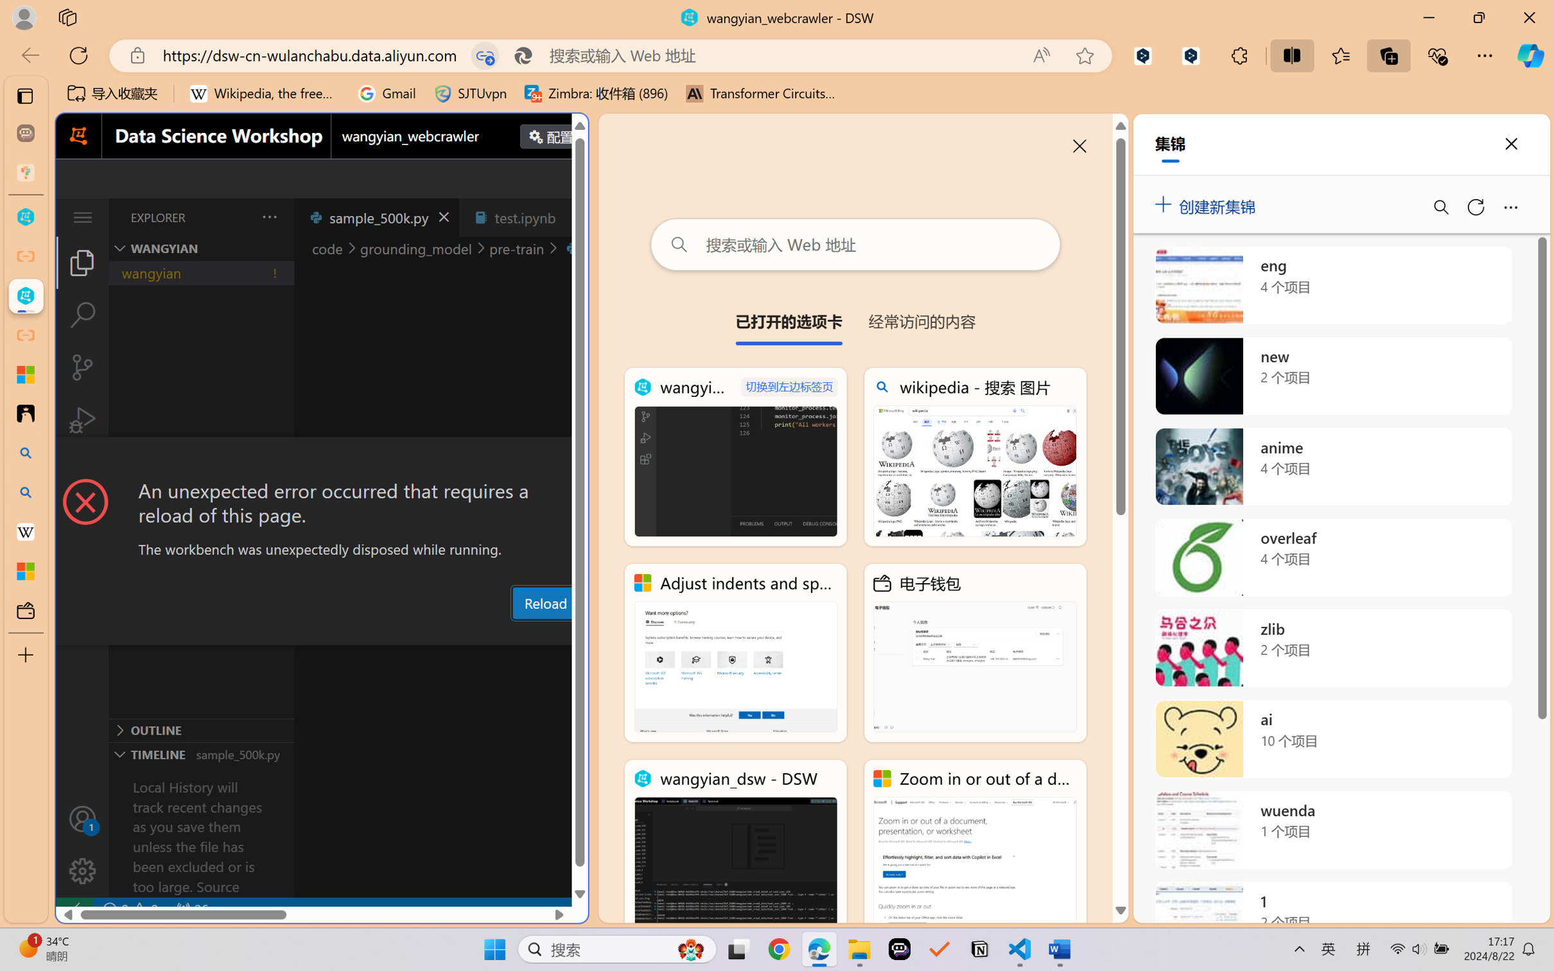 The height and width of the screenshot is (971, 1554). I want to click on 'Search (Ctrl+Shift+F)', so click(82, 315).